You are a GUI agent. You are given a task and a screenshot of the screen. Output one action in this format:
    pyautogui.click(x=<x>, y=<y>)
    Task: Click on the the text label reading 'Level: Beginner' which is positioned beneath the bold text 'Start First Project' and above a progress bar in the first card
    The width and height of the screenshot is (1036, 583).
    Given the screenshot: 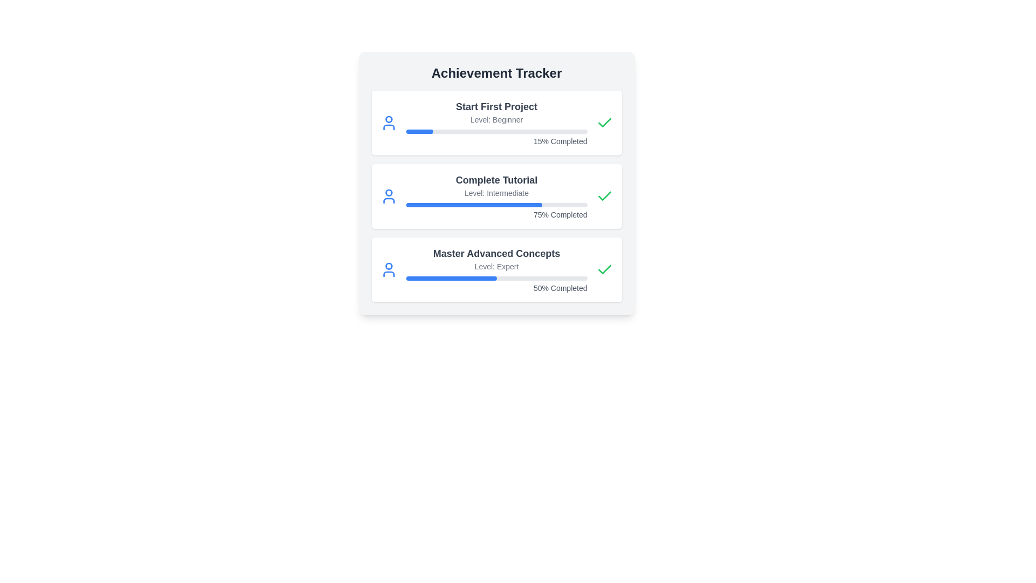 What is the action you would take?
    pyautogui.click(x=496, y=120)
    